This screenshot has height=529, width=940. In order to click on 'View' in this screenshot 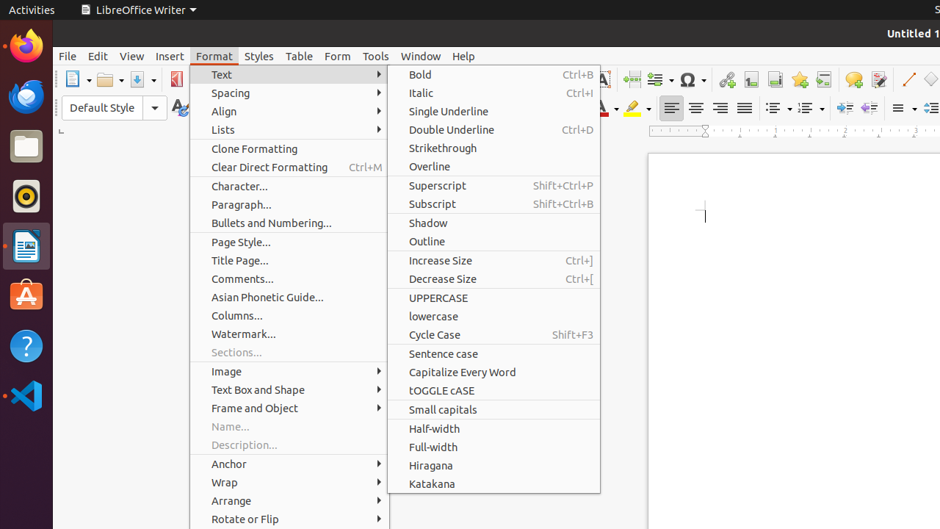, I will do `click(131, 55)`.